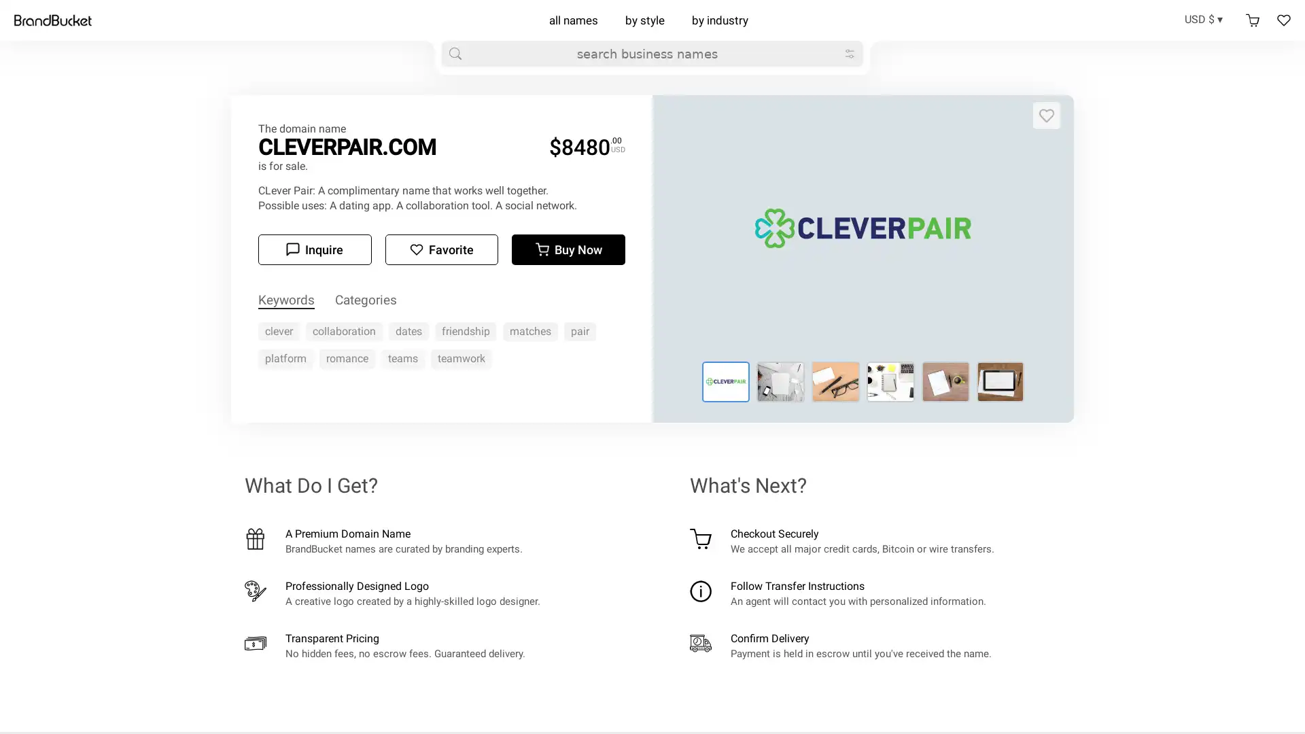  What do you see at coordinates (835, 381) in the screenshot?
I see `Logo for cleverpair.com` at bounding box center [835, 381].